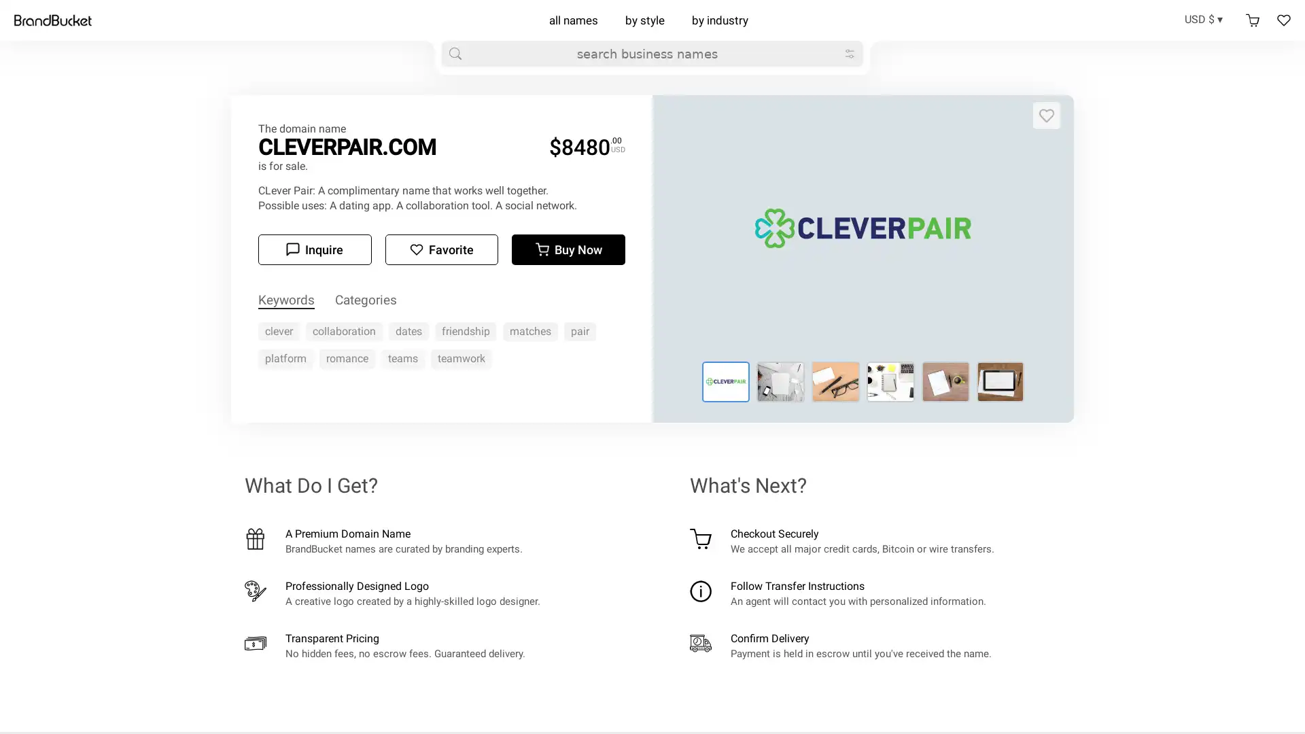  What do you see at coordinates (835, 381) in the screenshot?
I see `Logo for cleverpair.com` at bounding box center [835, 381].